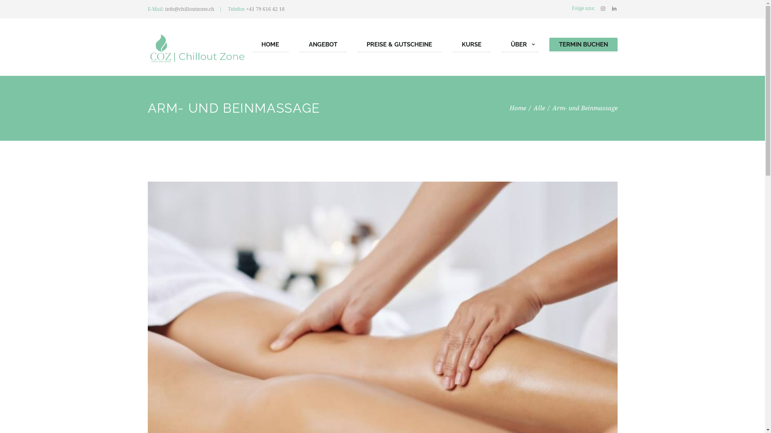 The width and height of the screenshot is (771, 433). I want to click on 'info@chilloutzone.ch', so click(189, 9).